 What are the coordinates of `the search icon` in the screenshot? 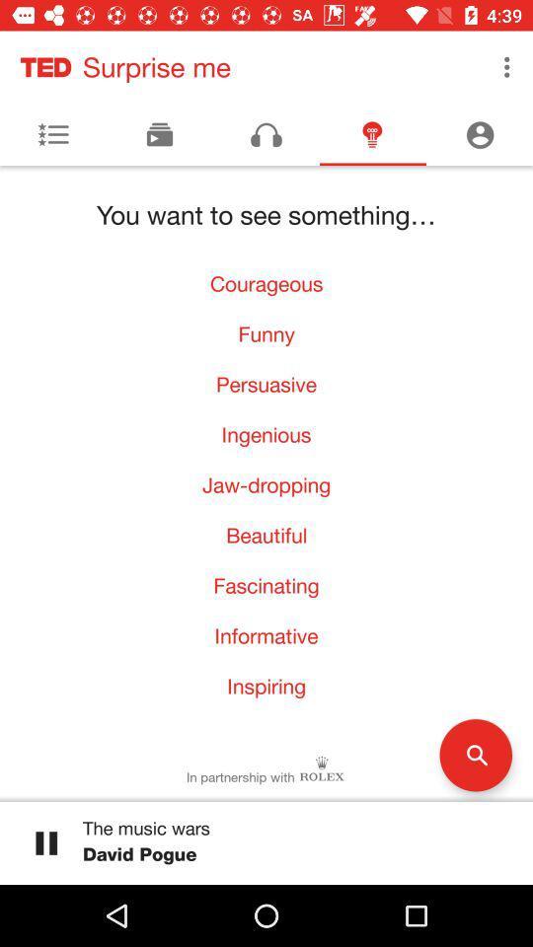 It's located at (475, 754).